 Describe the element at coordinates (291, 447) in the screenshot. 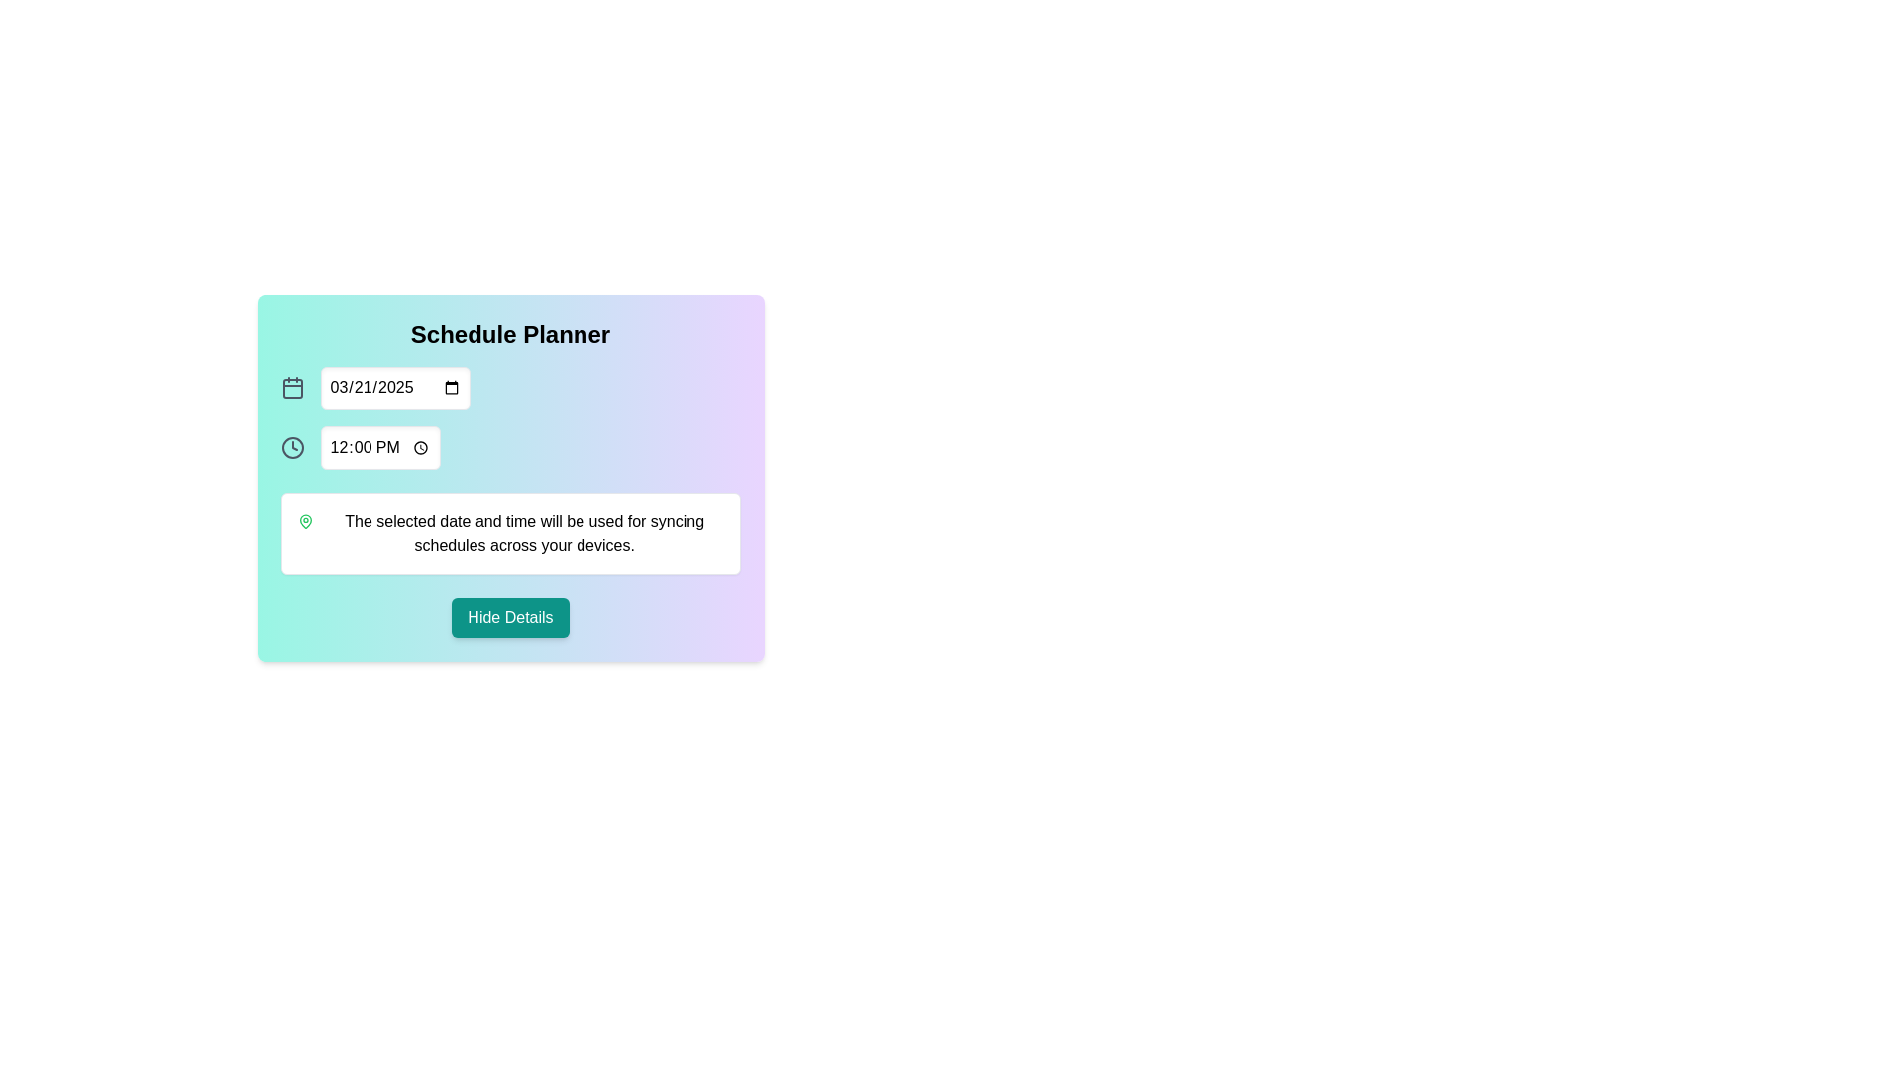

I see `the time icon located above the '12:00 PM' time input field` at that location.